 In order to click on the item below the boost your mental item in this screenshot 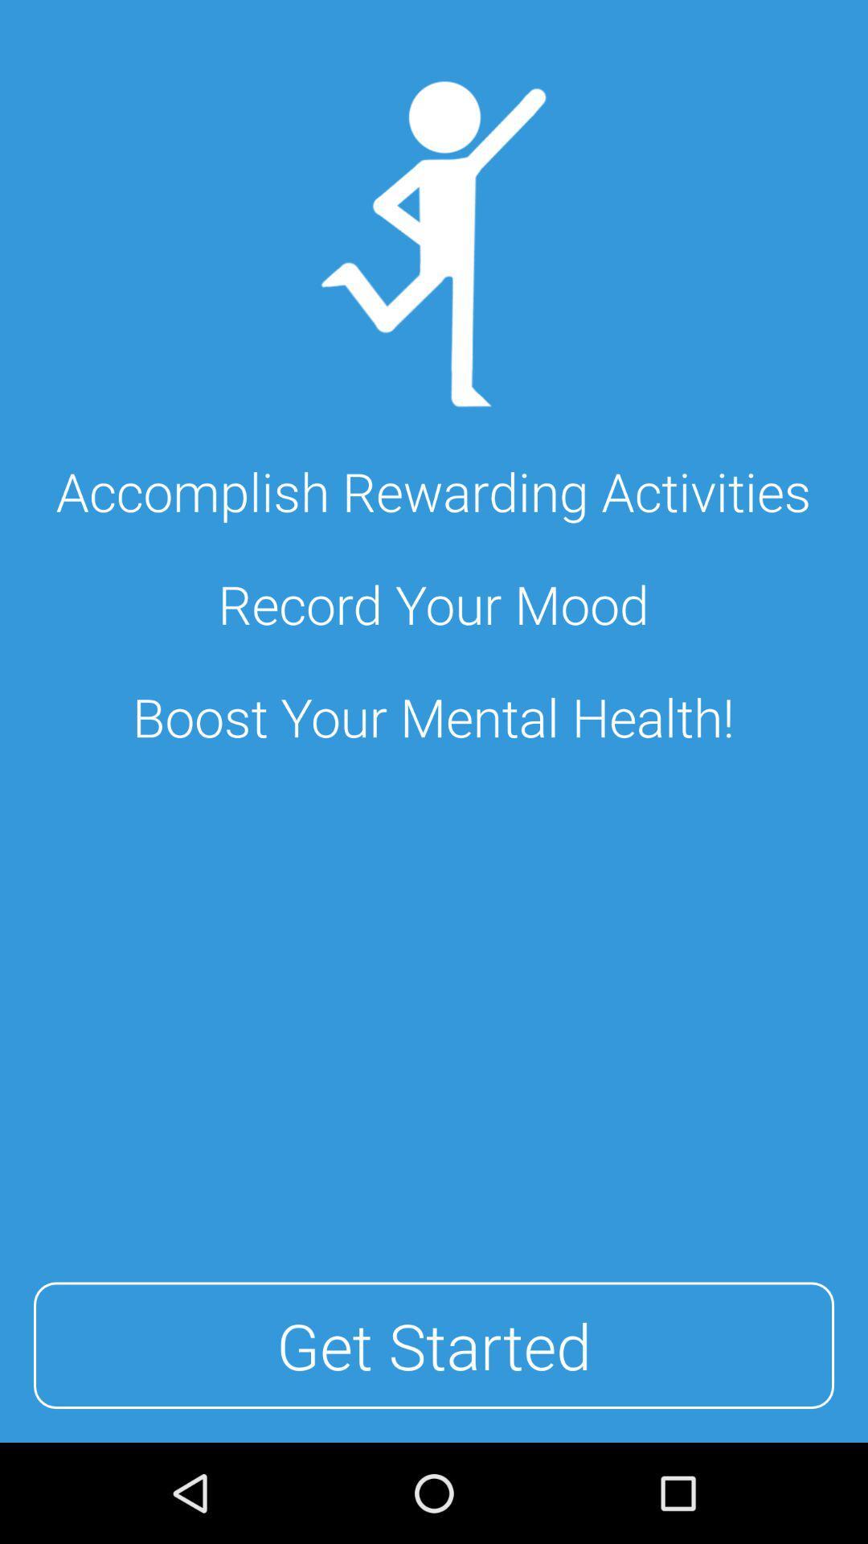, I will do `click(434, 1345)`.